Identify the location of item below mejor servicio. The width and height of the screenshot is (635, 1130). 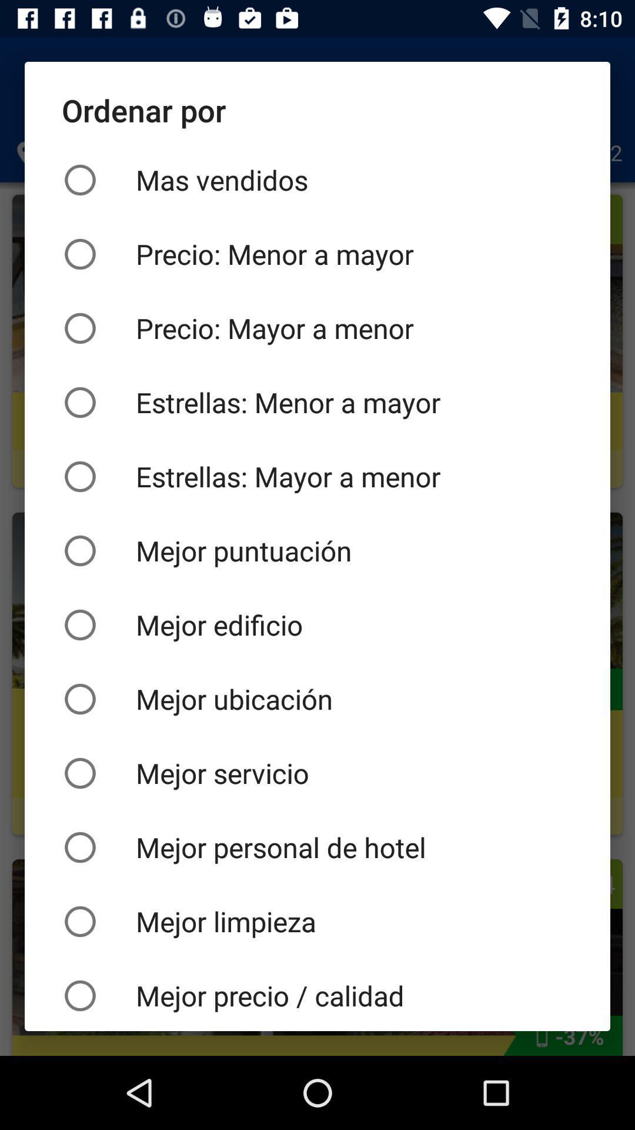
(317, 847).